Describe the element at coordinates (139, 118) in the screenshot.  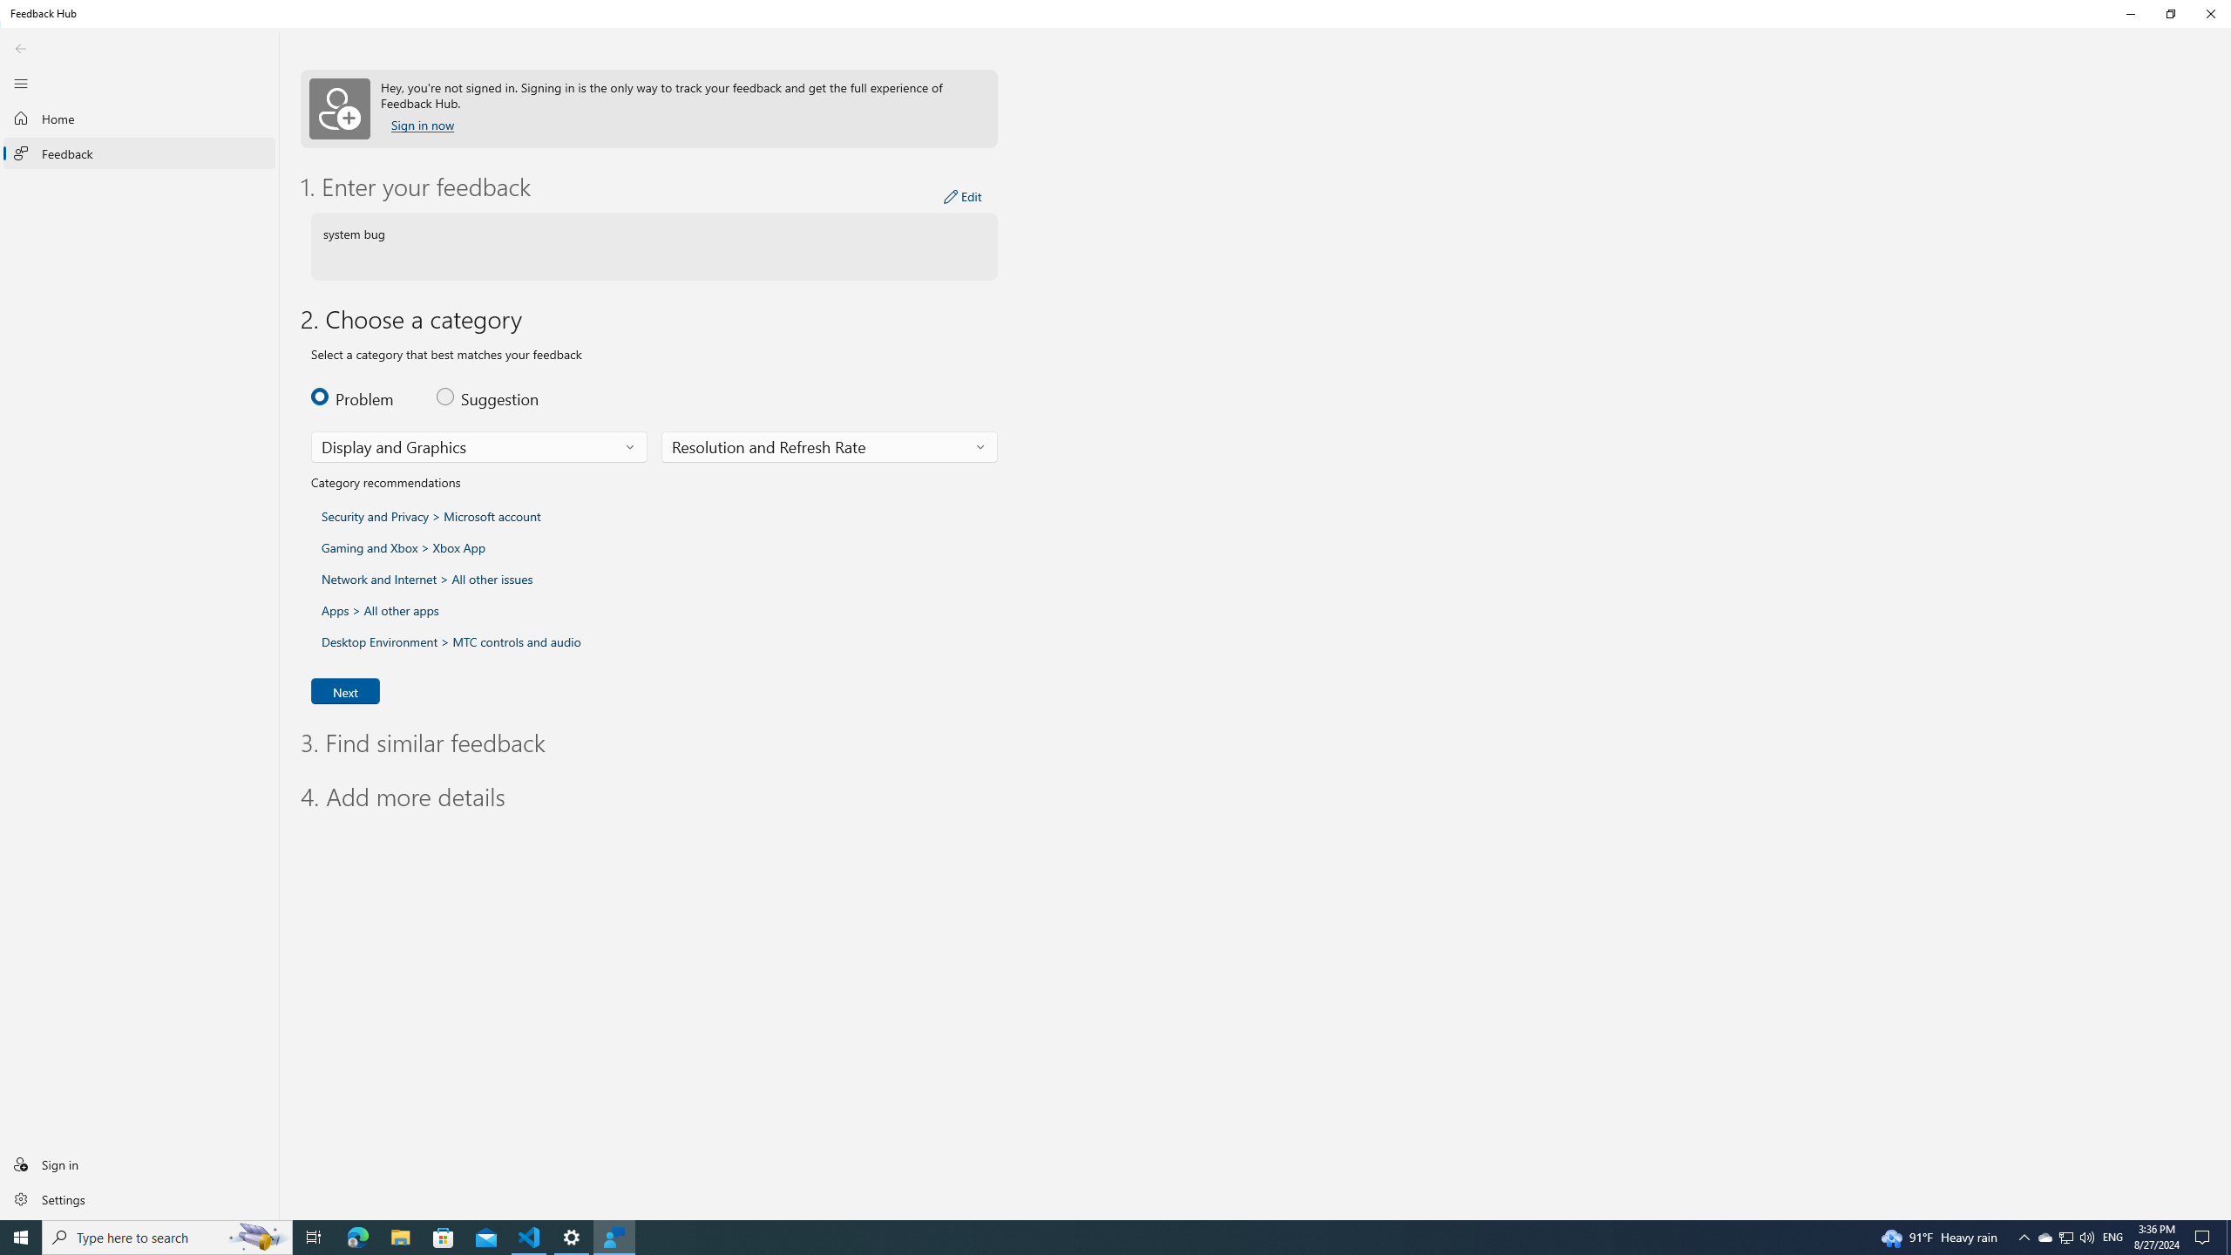
I see `'Home'` at that location.